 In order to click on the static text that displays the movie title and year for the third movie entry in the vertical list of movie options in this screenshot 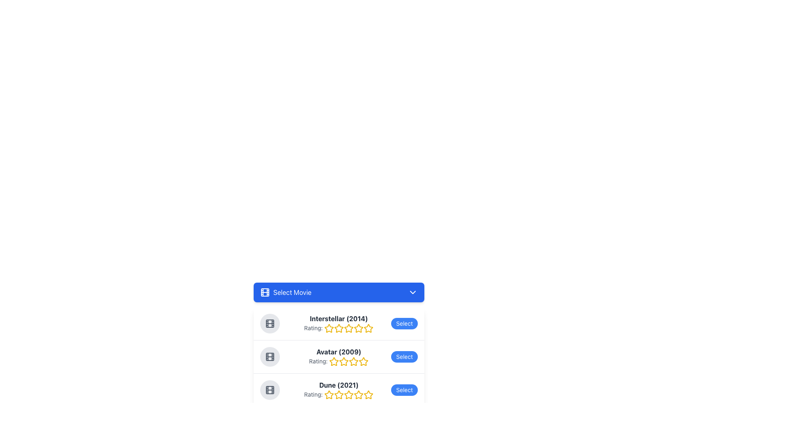, I will do `click(339, 385)`.